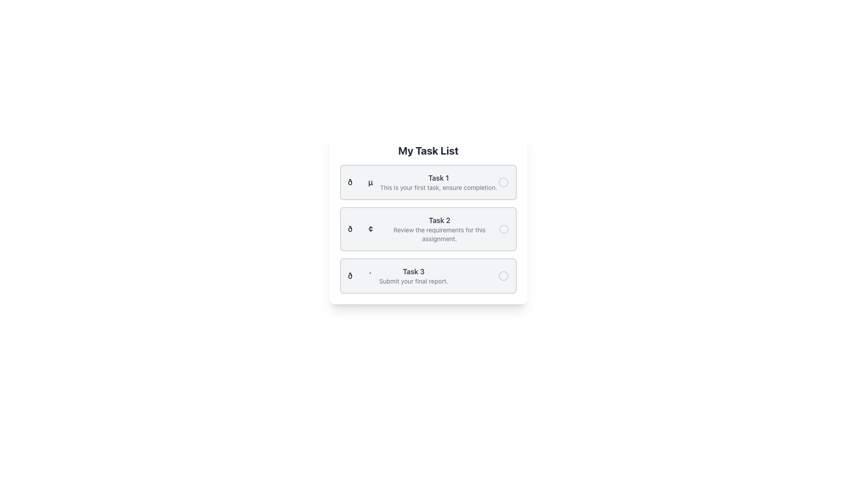 The image size is (848, 477). What do you see at coordinates (428, 275) in the screenshot?
I see `the list item labeled 'Task 3' to focus on the task details` at bounding box center [428, 275].